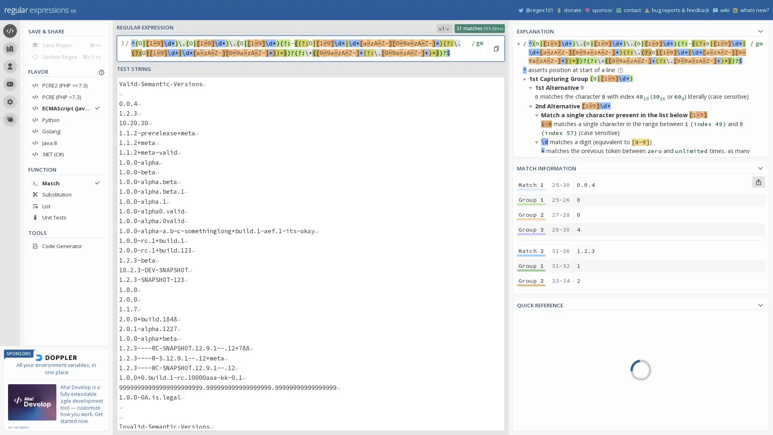 This screenshot has width=773, height=435. What do you see at coordinates (554, 391) in the screenshot?
I see `Quantifiers` at bounding box center [554, 391].